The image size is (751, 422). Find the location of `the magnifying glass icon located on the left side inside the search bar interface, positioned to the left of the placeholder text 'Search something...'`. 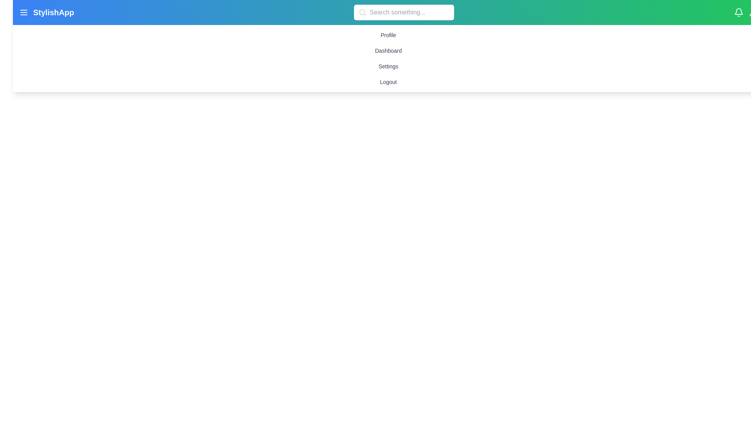

the magnifying glass icon located on the left side inside the search bar interface, positioned to the left of the placeholder text 'Search something...' is located at coordinates (362, 12).